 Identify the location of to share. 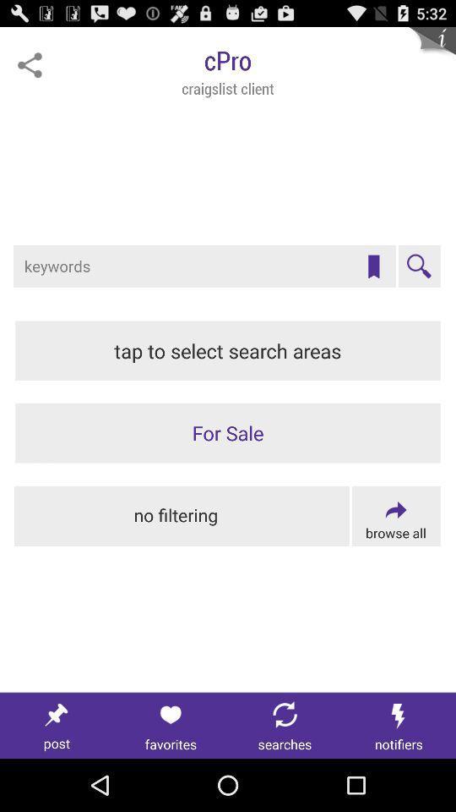
(30, 65).